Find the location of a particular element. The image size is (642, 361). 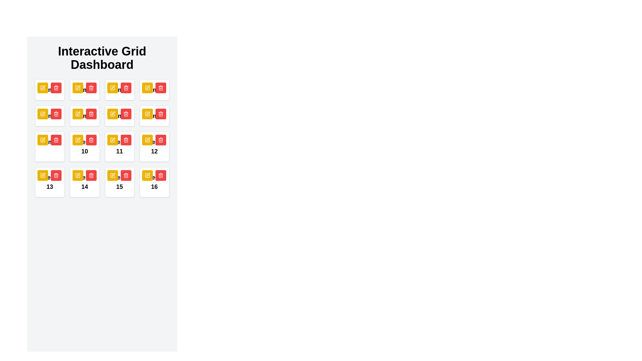

the delete button located to the right of the yellow edit button is located at coordinates (91, 87).